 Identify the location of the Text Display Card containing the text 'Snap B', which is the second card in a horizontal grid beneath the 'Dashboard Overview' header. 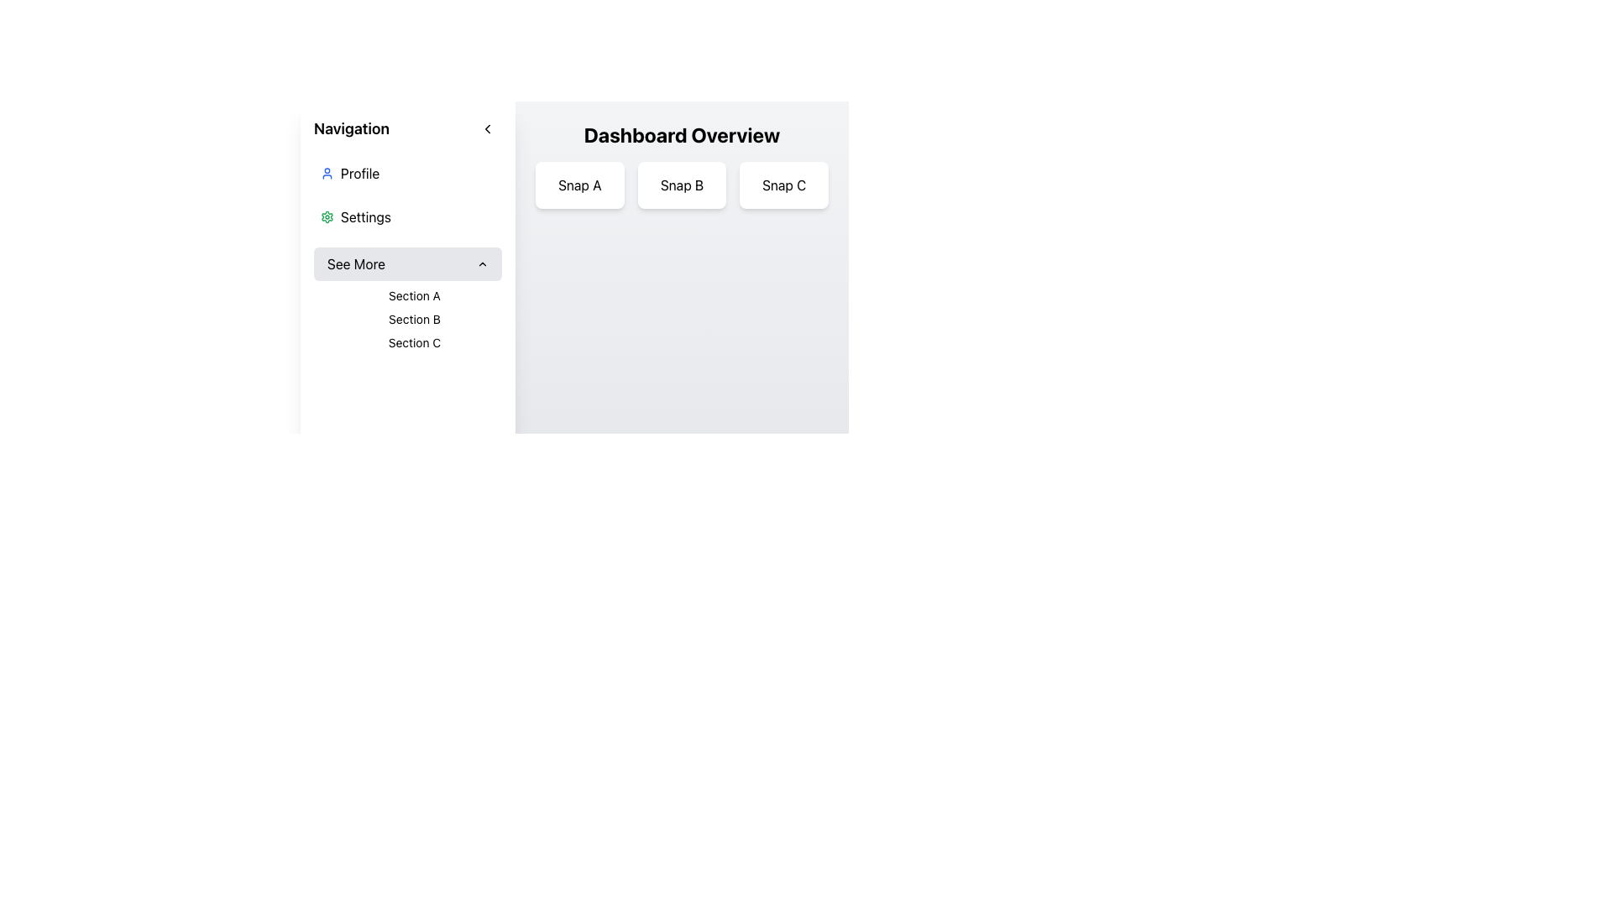
(682, 185).